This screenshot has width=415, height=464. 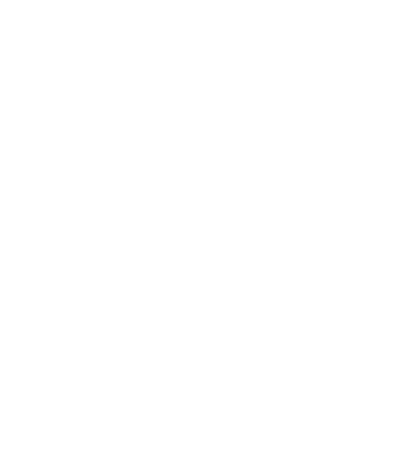 I want to click on 'Seen on the Scene: AES 2023 in Photos', so click(x=99, y=72).